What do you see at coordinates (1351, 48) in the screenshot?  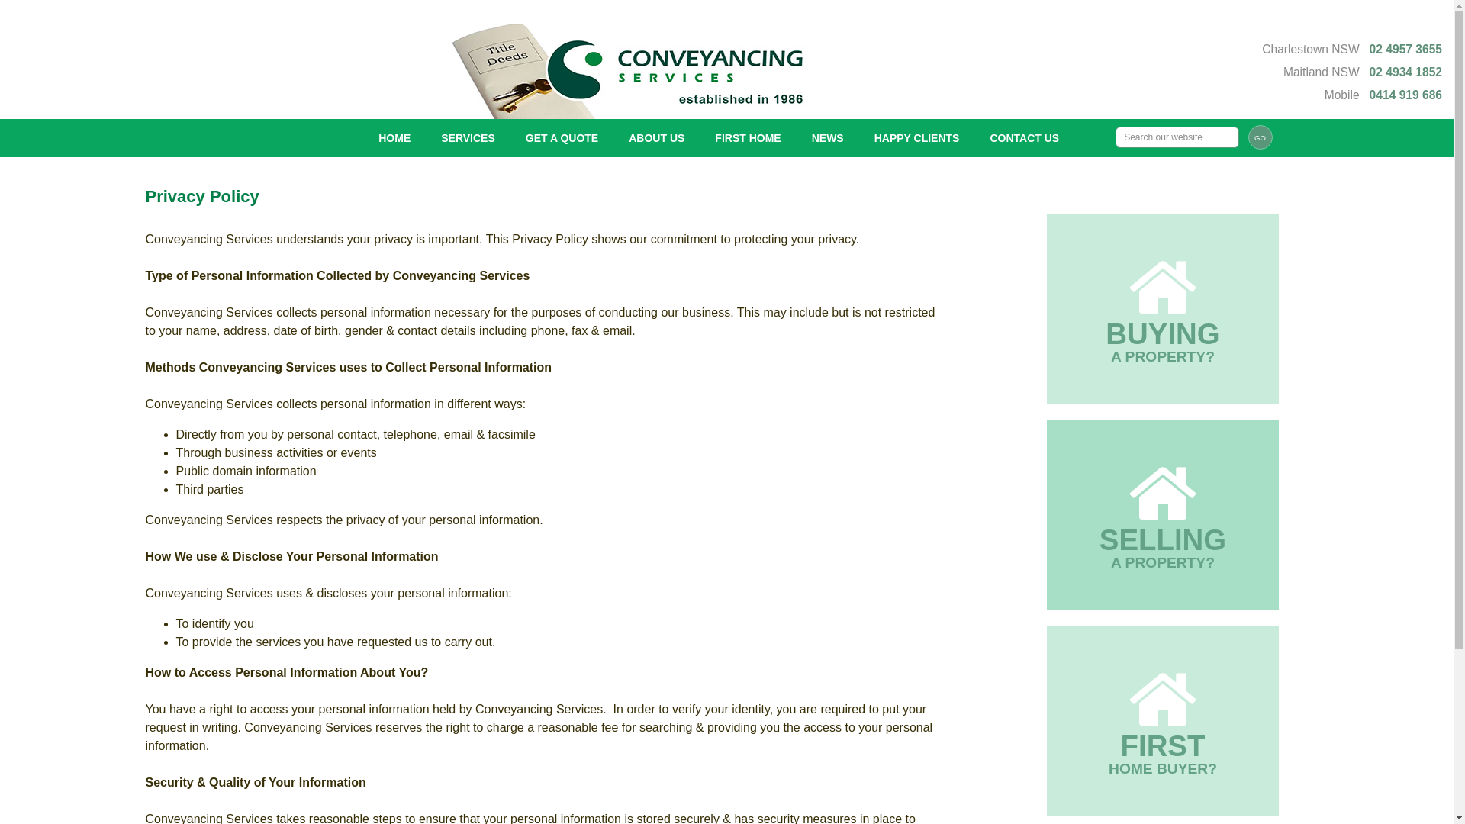 I see `'Charlestown NSW   02 4957 3655'` at bounding box center [1351, 48].